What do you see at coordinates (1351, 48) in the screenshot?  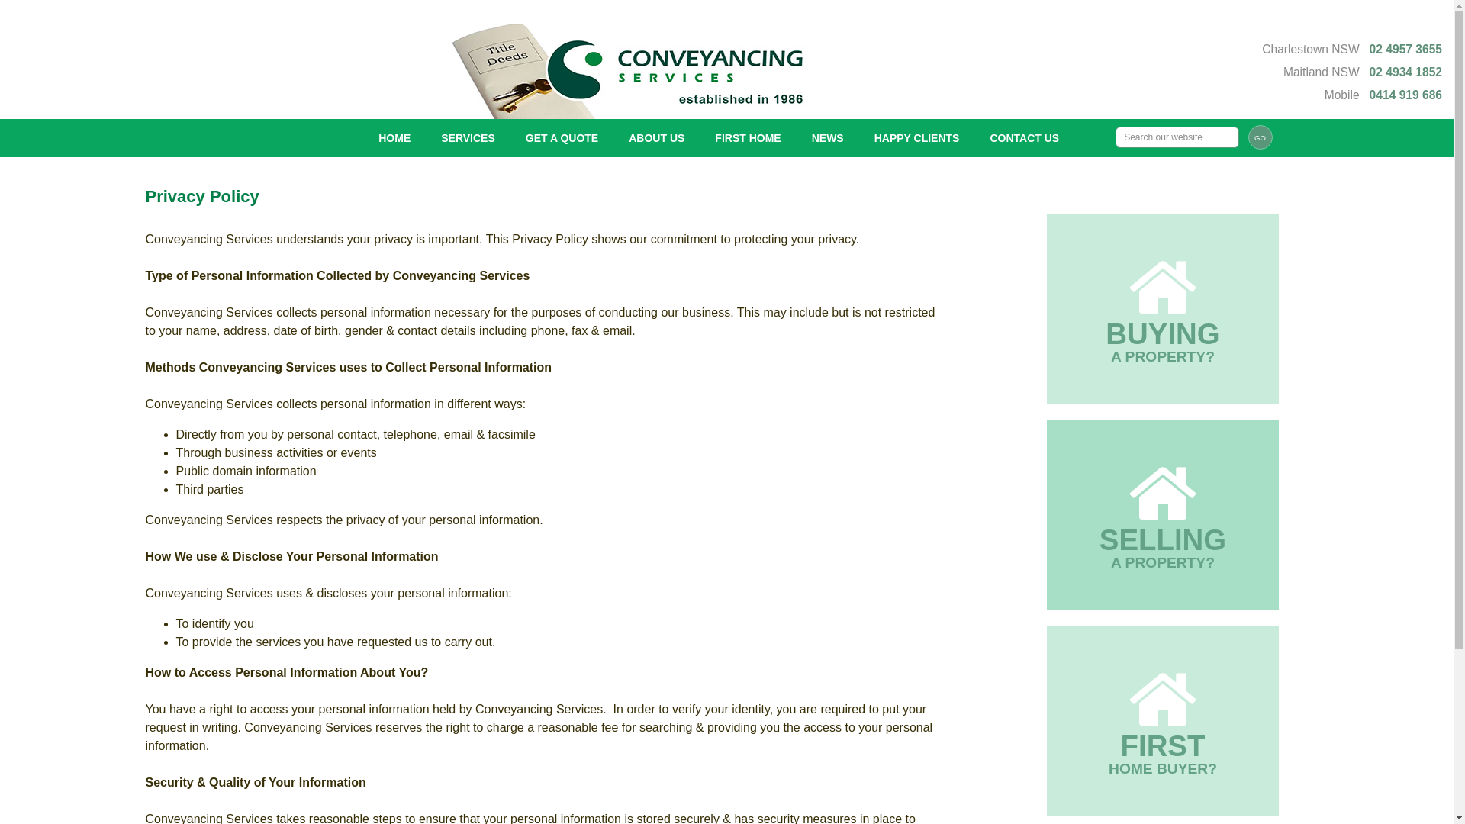 I see `'Charlestown NSW   02 4957 3655'` at bounding box center [1351, 48].